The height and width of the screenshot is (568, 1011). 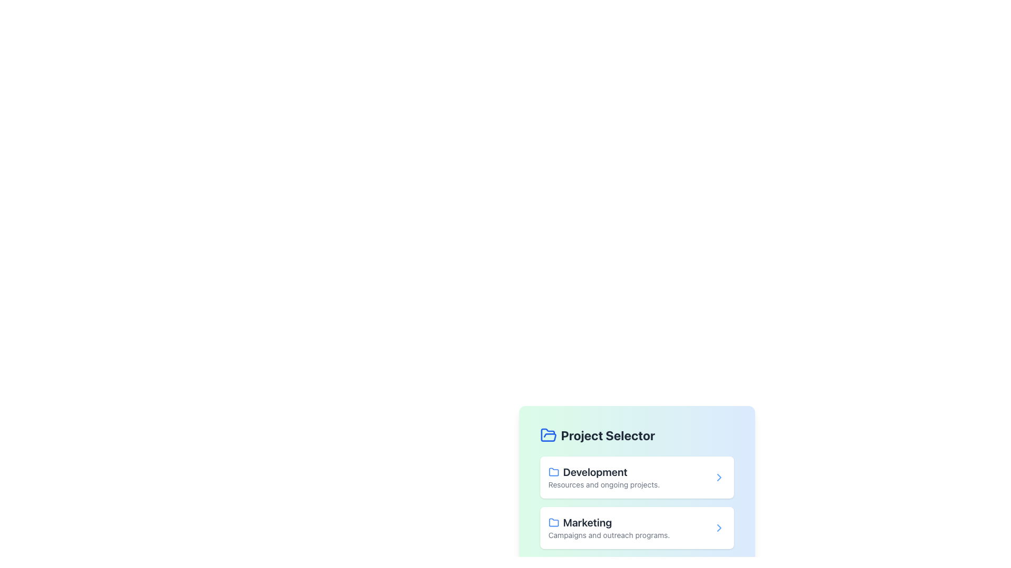 I want to click on the 'Marketing' label with description in the 'Project Selector' section for focus or highlighting, so click(x=609, y=528).